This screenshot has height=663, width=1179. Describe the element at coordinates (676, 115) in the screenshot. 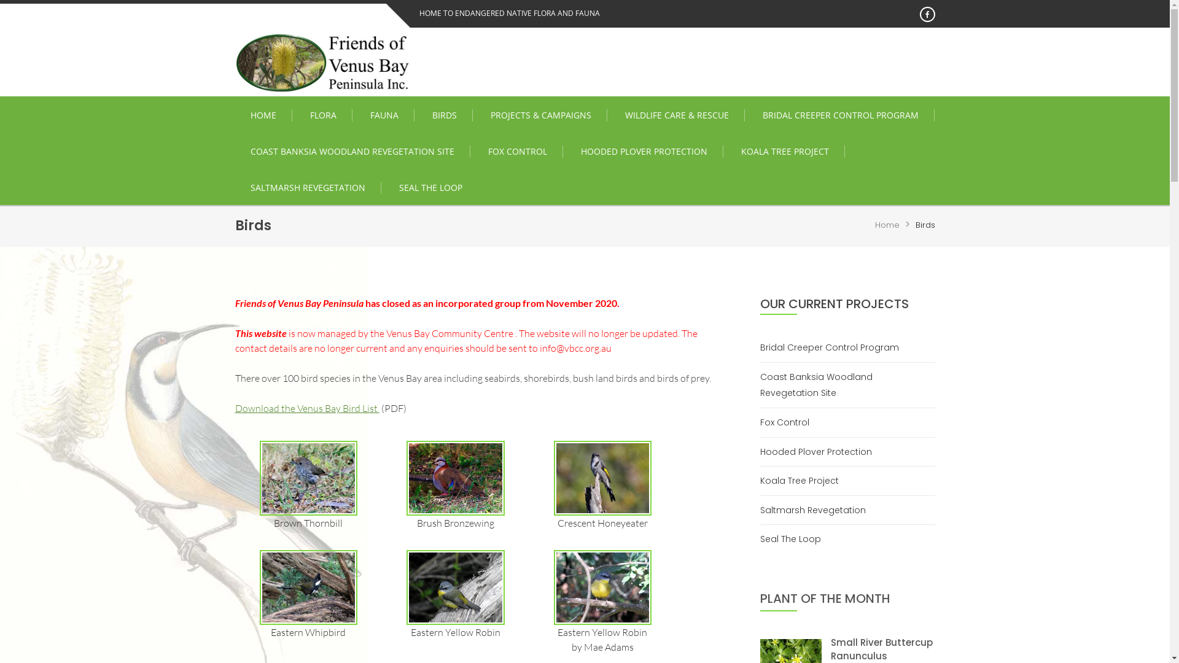

I see `'WILDLIFE CARE & RESCUE'` at that location.